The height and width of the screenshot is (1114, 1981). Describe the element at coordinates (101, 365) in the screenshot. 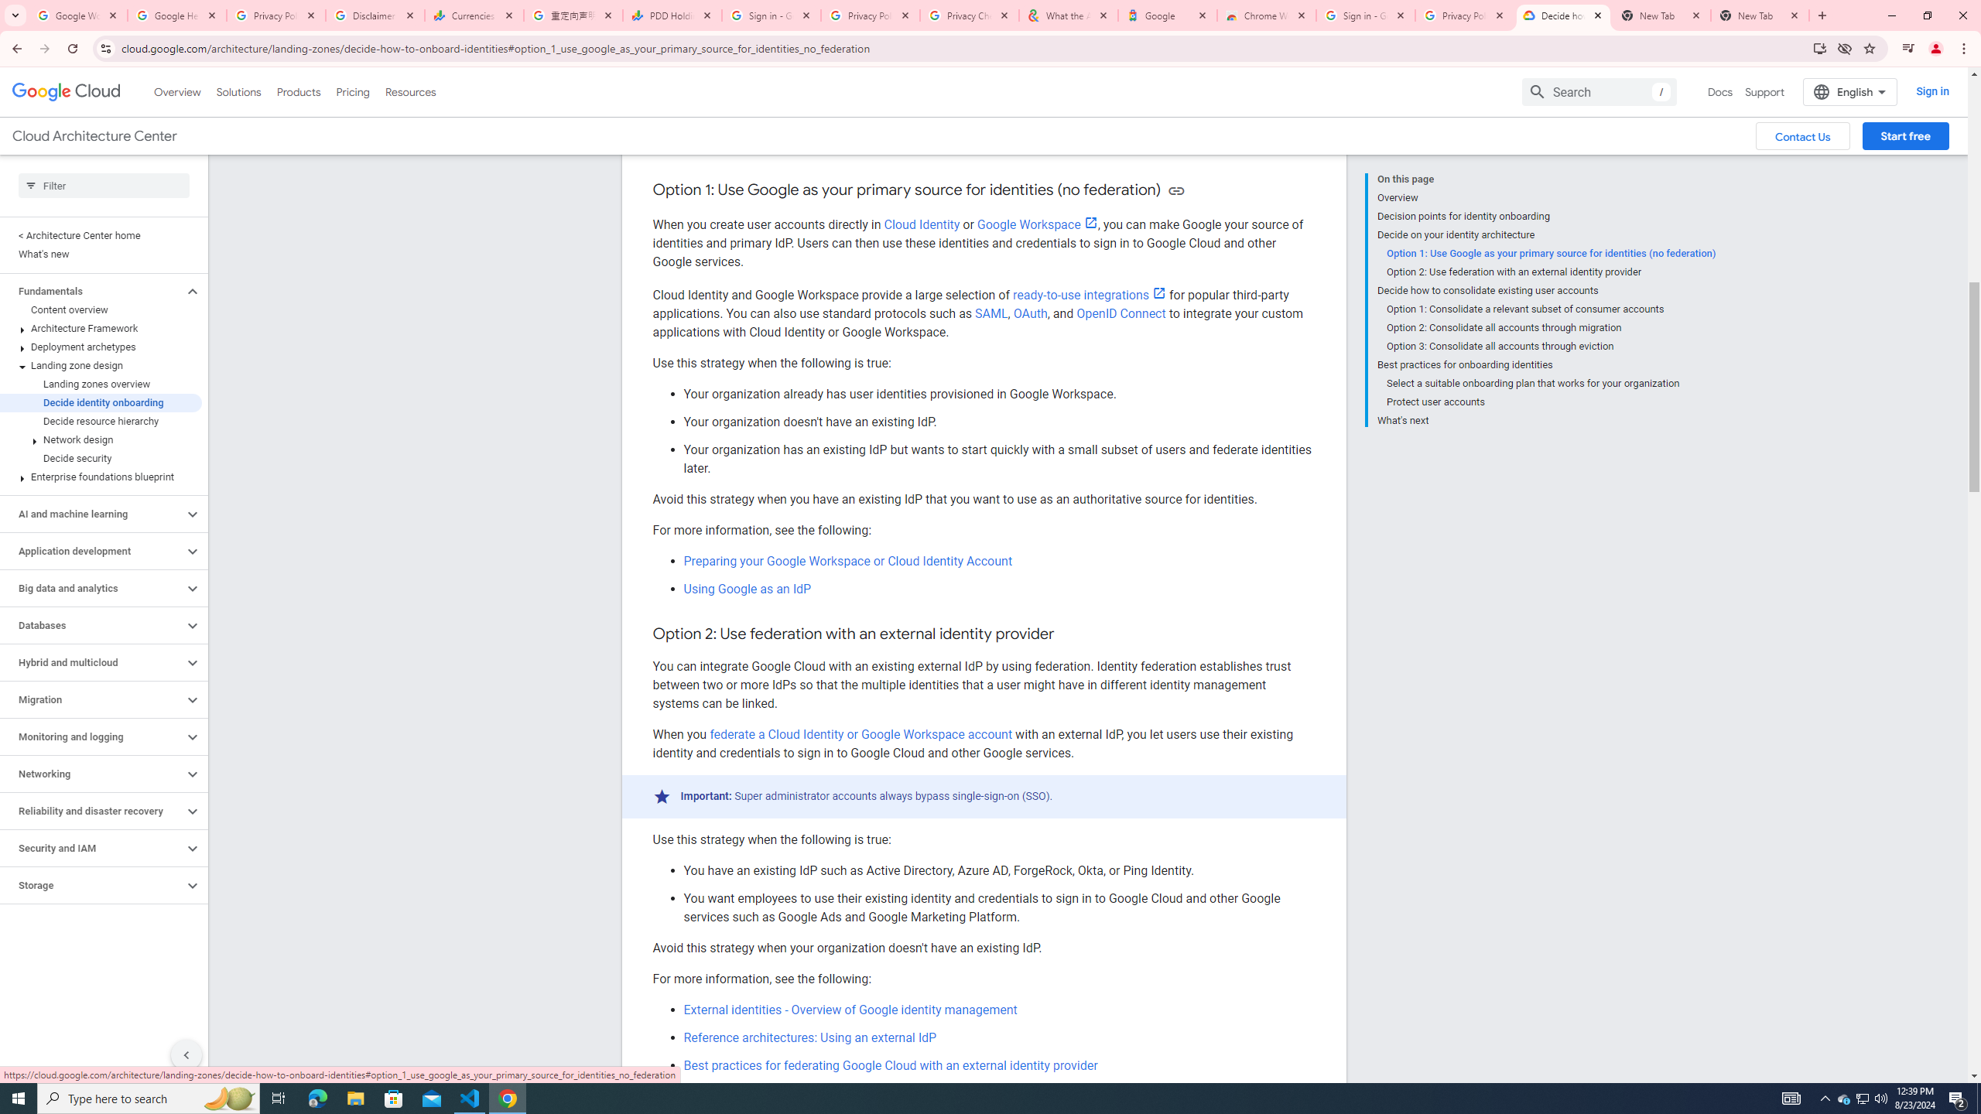

I see `'Landing zone design'` at that location.